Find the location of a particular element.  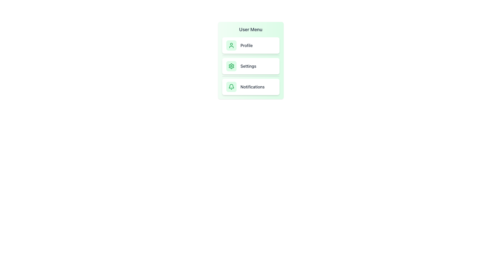

the settings icon, which is a gear shape with a green outline, located in the middle of a vertical user menu is located at coordinates (231, 66).